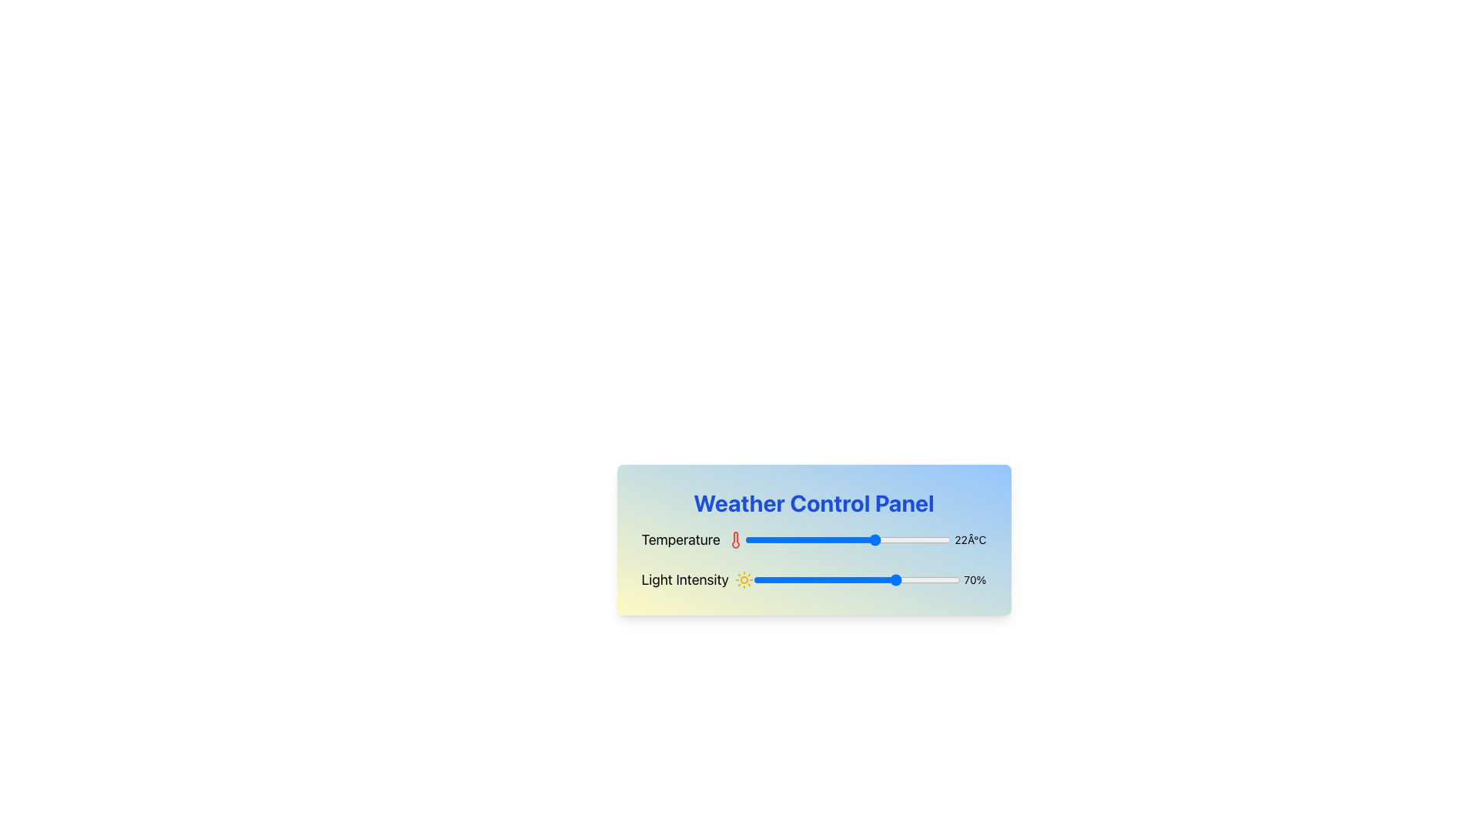 The height and width of the screenshot is (831, 1478). I want to click on the temperature slider, so click(806, 539).